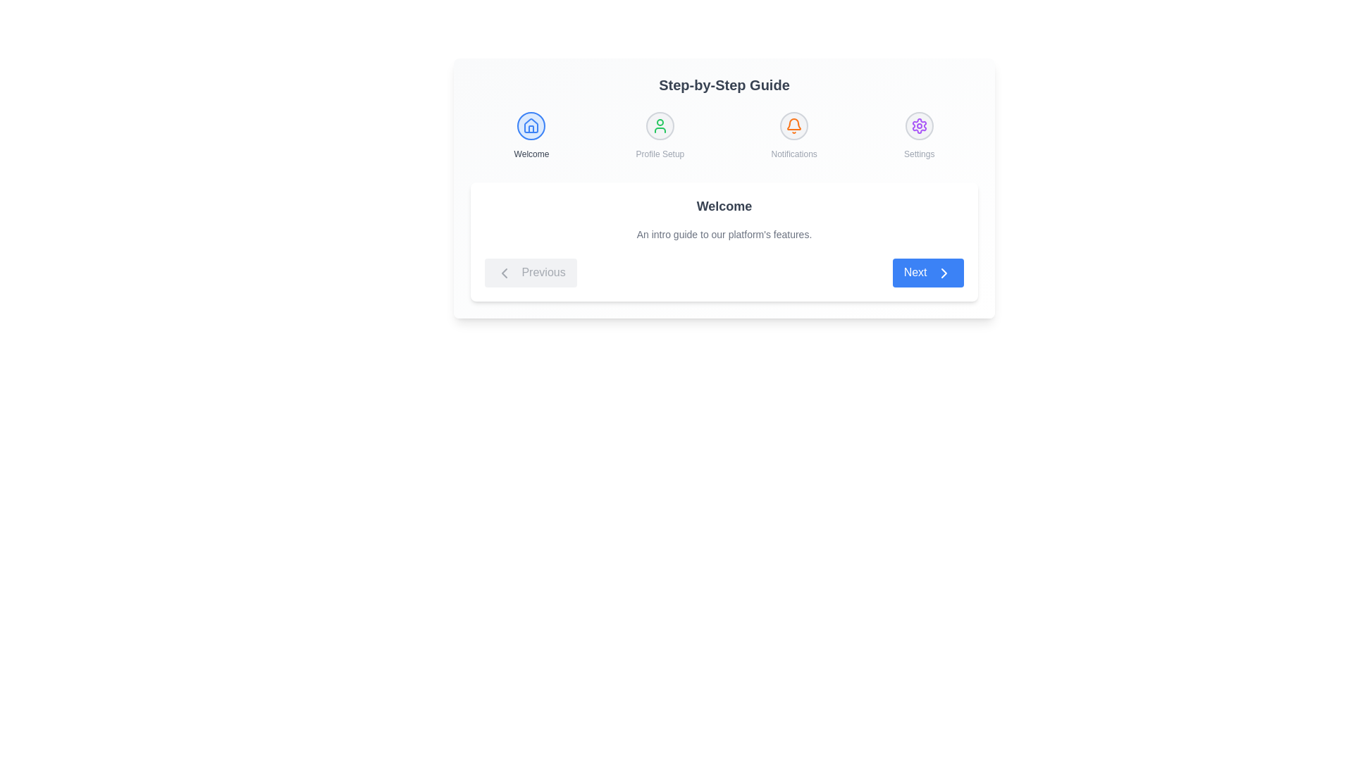 The image size is (1353, 761). What do you see at coordinates (531, 125) in the screenshot?
I see `the 'Welcome' icon, which is the first icon in the sequence and visually indicates the current step in the guide interface` at bounding box center [531, 125].